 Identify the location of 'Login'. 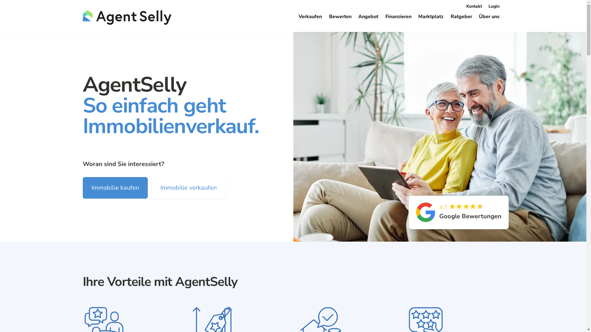
(494, 6).